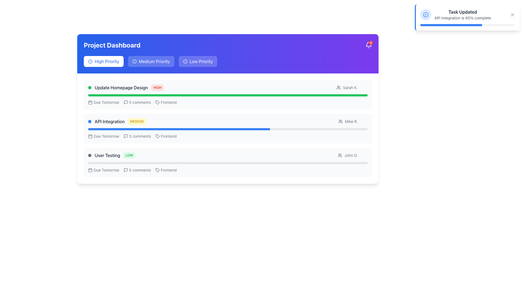  Describe the element at coordinates (106, 170) in the screenshot. I see `the 'Due Tomorrow' text label located in the third task item under the 'User Testing' task, which is styled in dark gray sans-serif font and positioned to the right of a calendar icon` at that location.